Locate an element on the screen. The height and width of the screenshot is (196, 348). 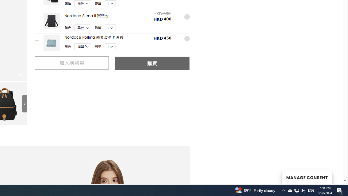
'Class: iconic-woothumbs-fullscreen' is located at coordinates (21, 75).